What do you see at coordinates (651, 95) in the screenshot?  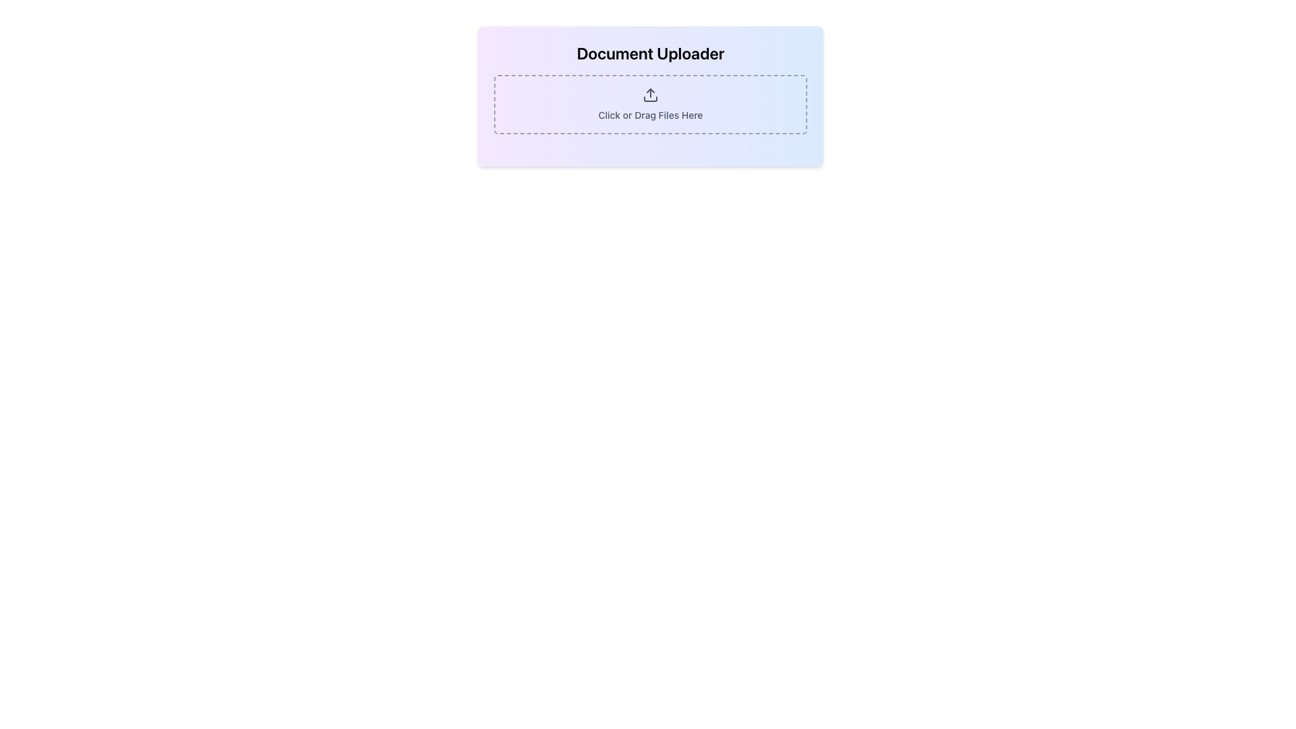 I see `the Interactive upload area grouped in a card` at bounding box center [651, 95].